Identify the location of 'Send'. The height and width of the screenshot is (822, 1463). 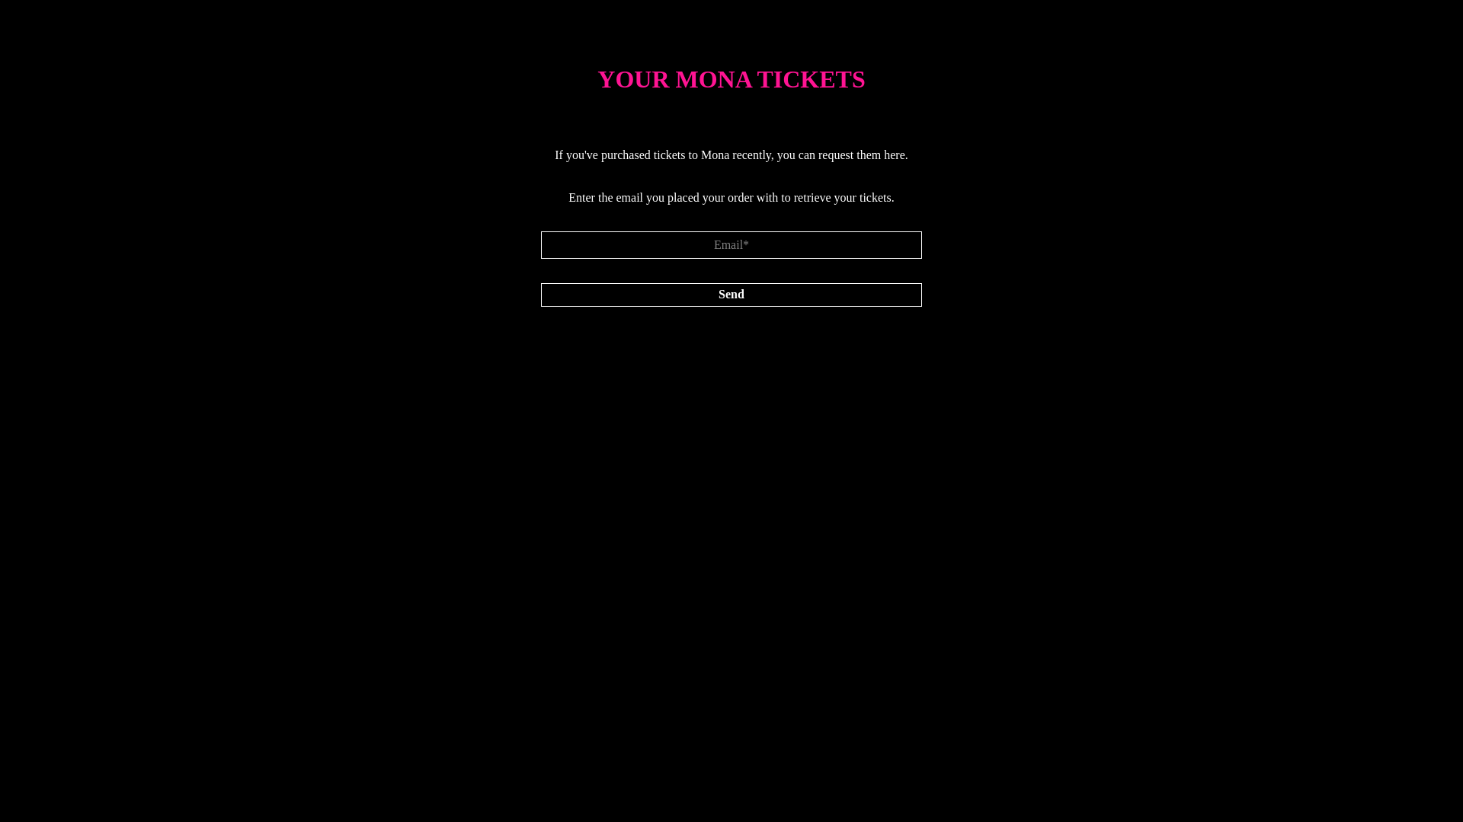
(731, 295).